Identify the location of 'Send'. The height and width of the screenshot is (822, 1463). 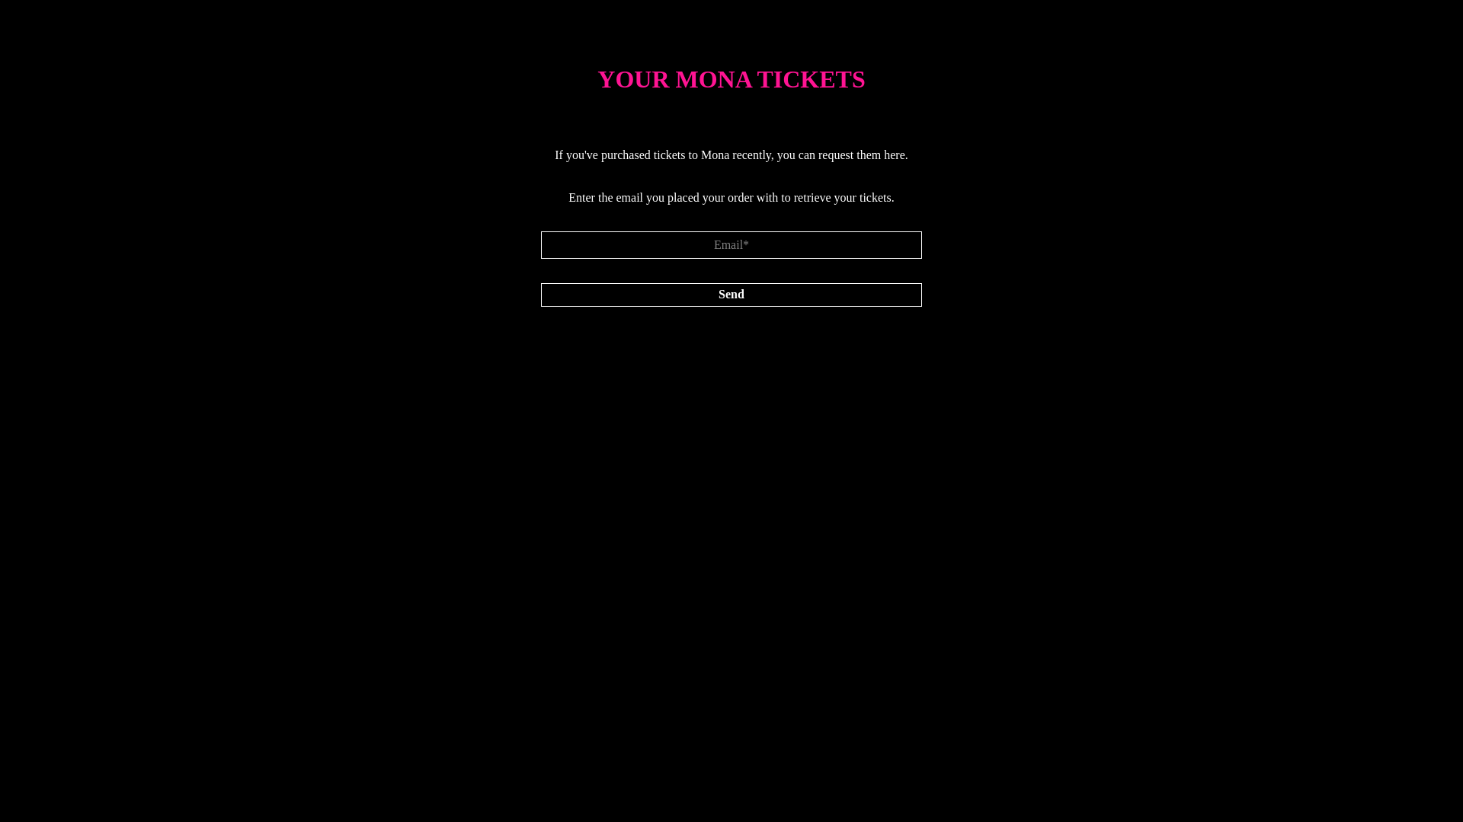
(731, 295).